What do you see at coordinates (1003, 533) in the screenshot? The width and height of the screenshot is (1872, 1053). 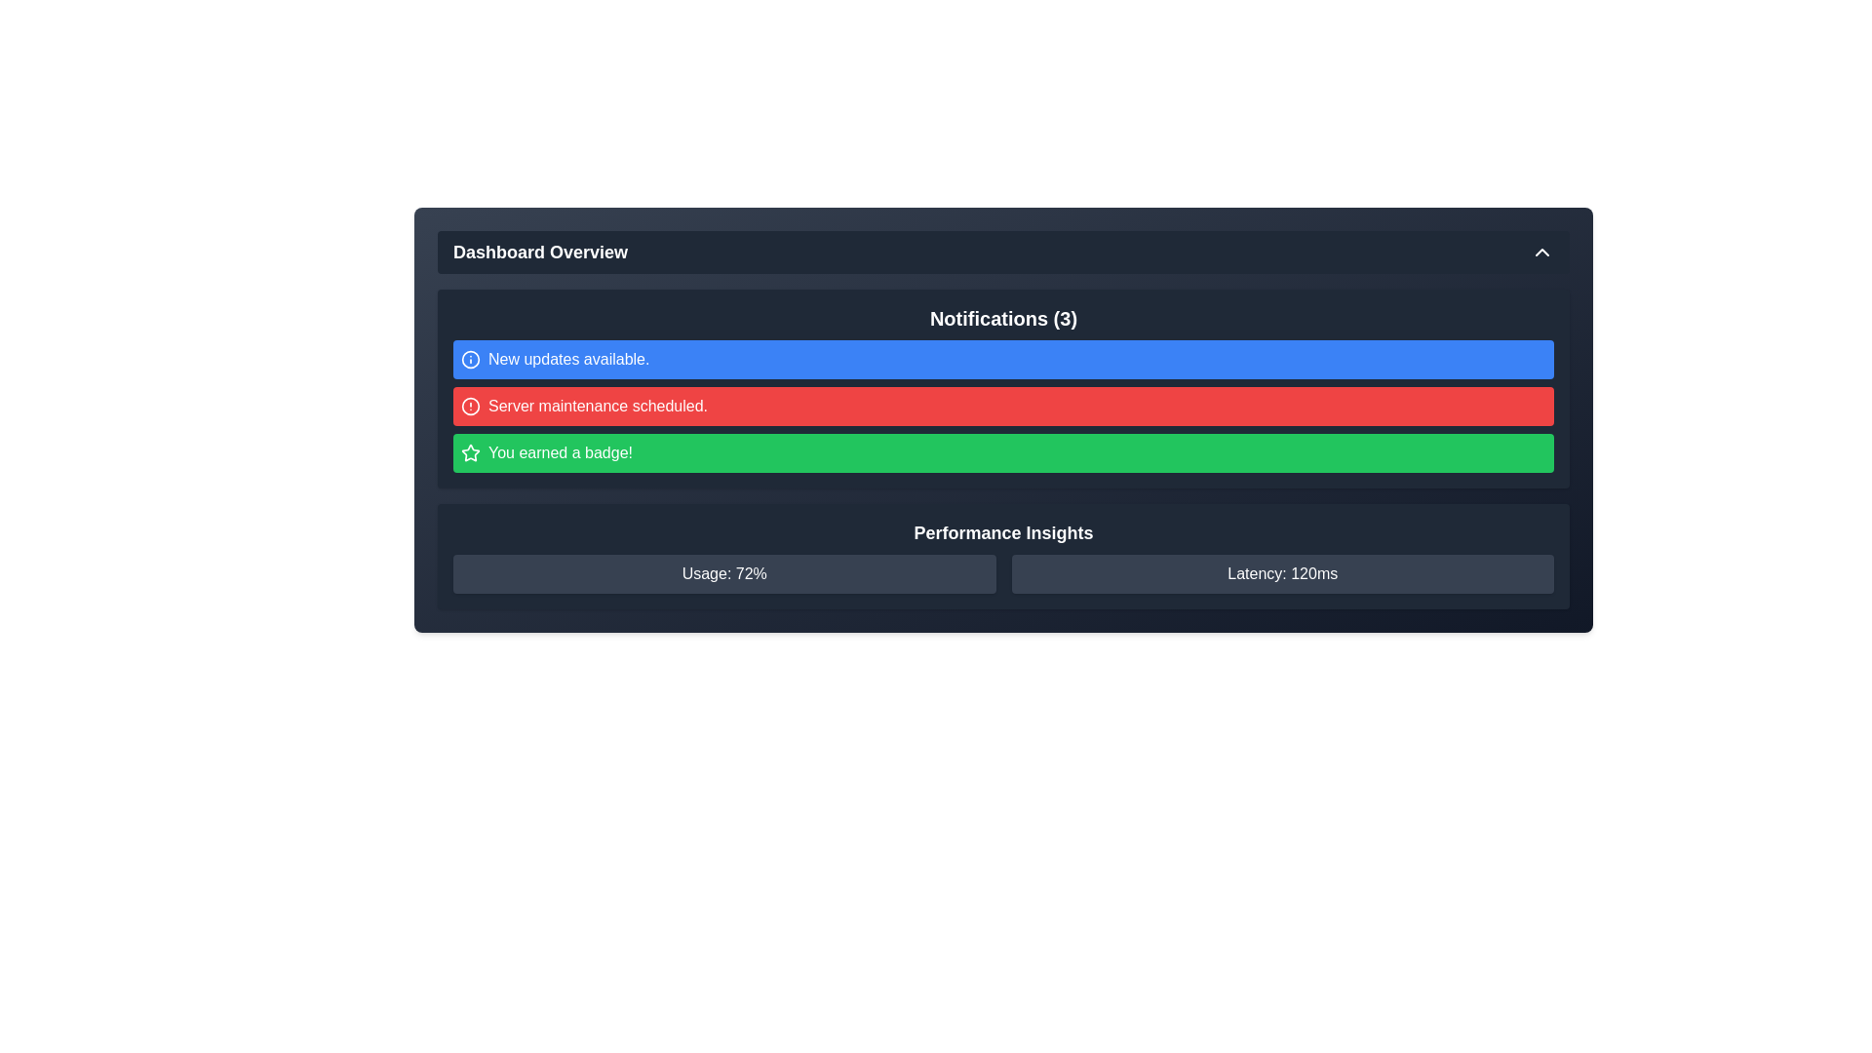 I see `the text label displaying 'Performance Insights', which is styled in large, bold font and is prominently positioned above the usage and latency boxes` at bounding box center [1003, 533].